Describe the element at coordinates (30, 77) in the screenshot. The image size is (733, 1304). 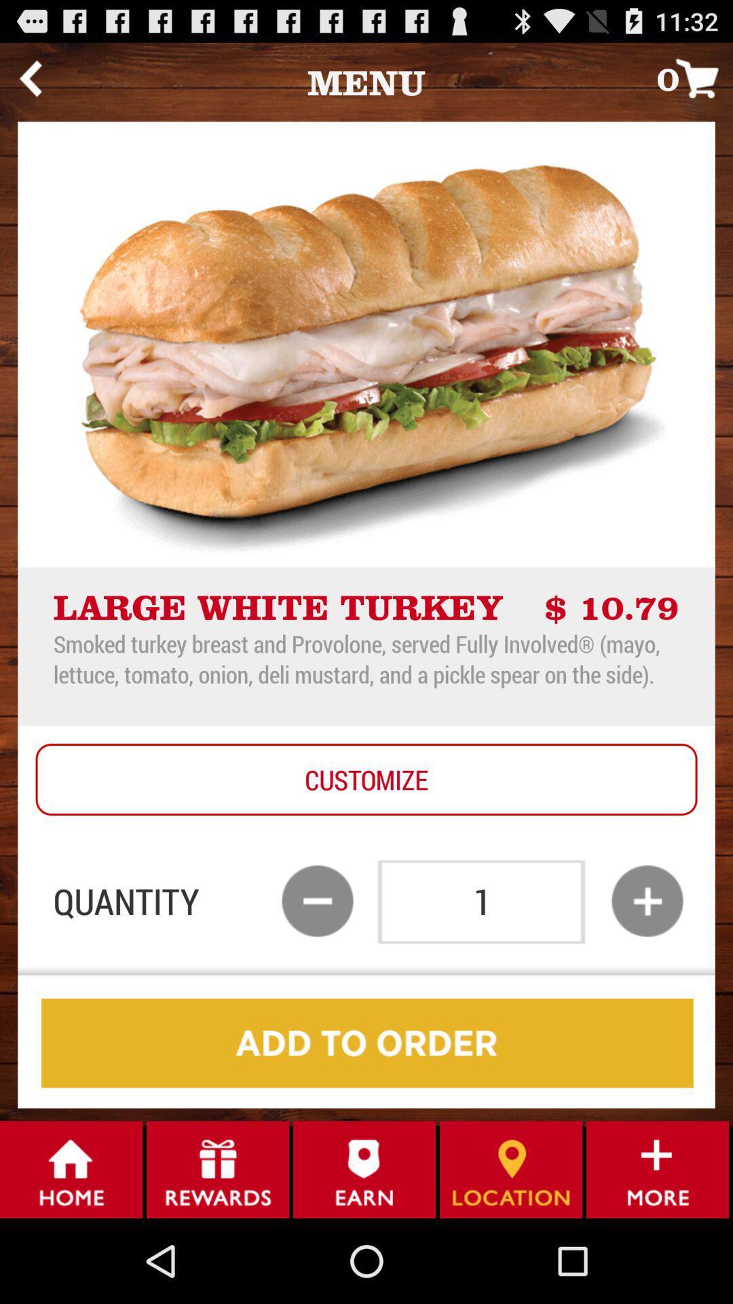
I see `the app to the left of menu icon` at that location.